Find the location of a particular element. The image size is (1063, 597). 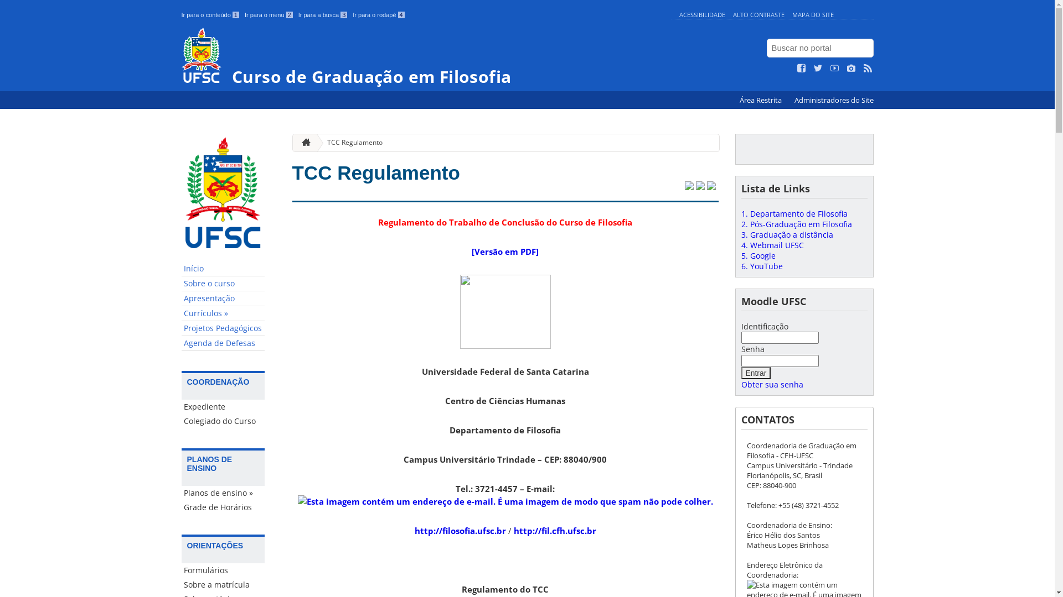

'6. YouTube' is located at coordinates (761, 266).